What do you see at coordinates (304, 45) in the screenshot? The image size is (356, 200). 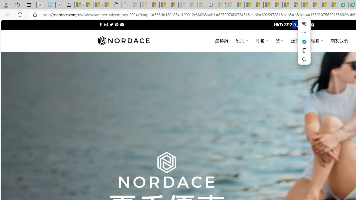 I see `'Mini menu on text selection'` at bounding box center [304, 45].